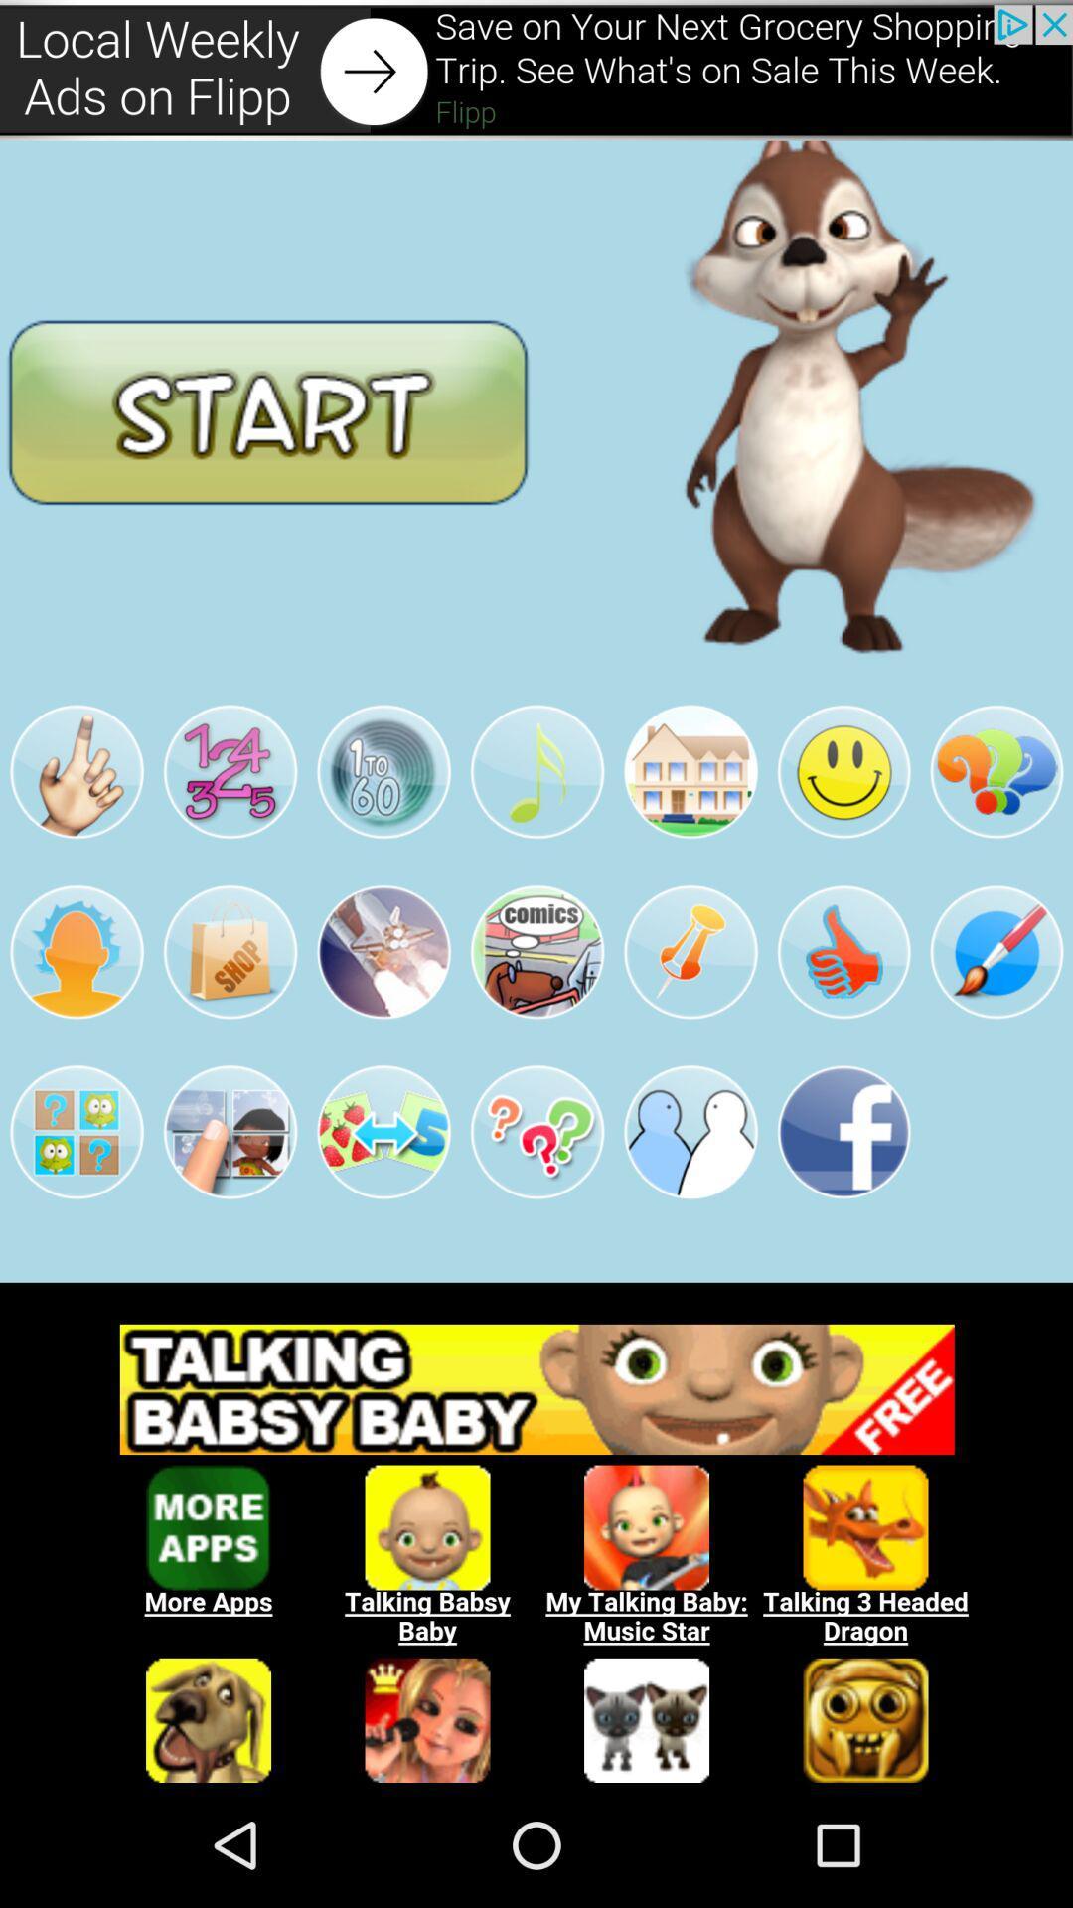 Image resolution: width=1073 pixels, height=1908 pixels. What do you see at coordinates (843, 771) in the screenshot?
I see `the sixth image in the second row` at bounding box center [843, 771].